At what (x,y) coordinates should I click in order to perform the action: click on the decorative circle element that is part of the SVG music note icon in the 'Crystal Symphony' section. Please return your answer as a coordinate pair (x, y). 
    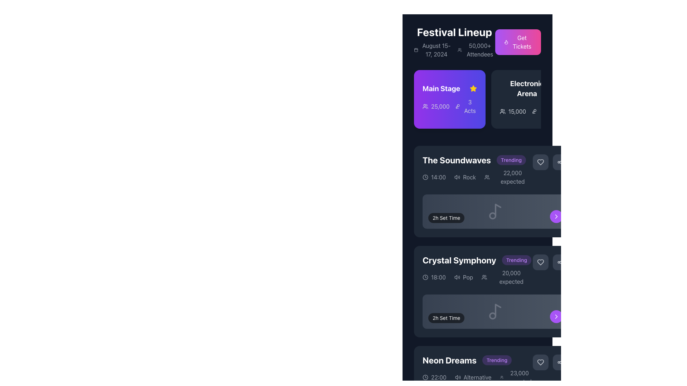
    Looking at the image, I should click on (492, 315).